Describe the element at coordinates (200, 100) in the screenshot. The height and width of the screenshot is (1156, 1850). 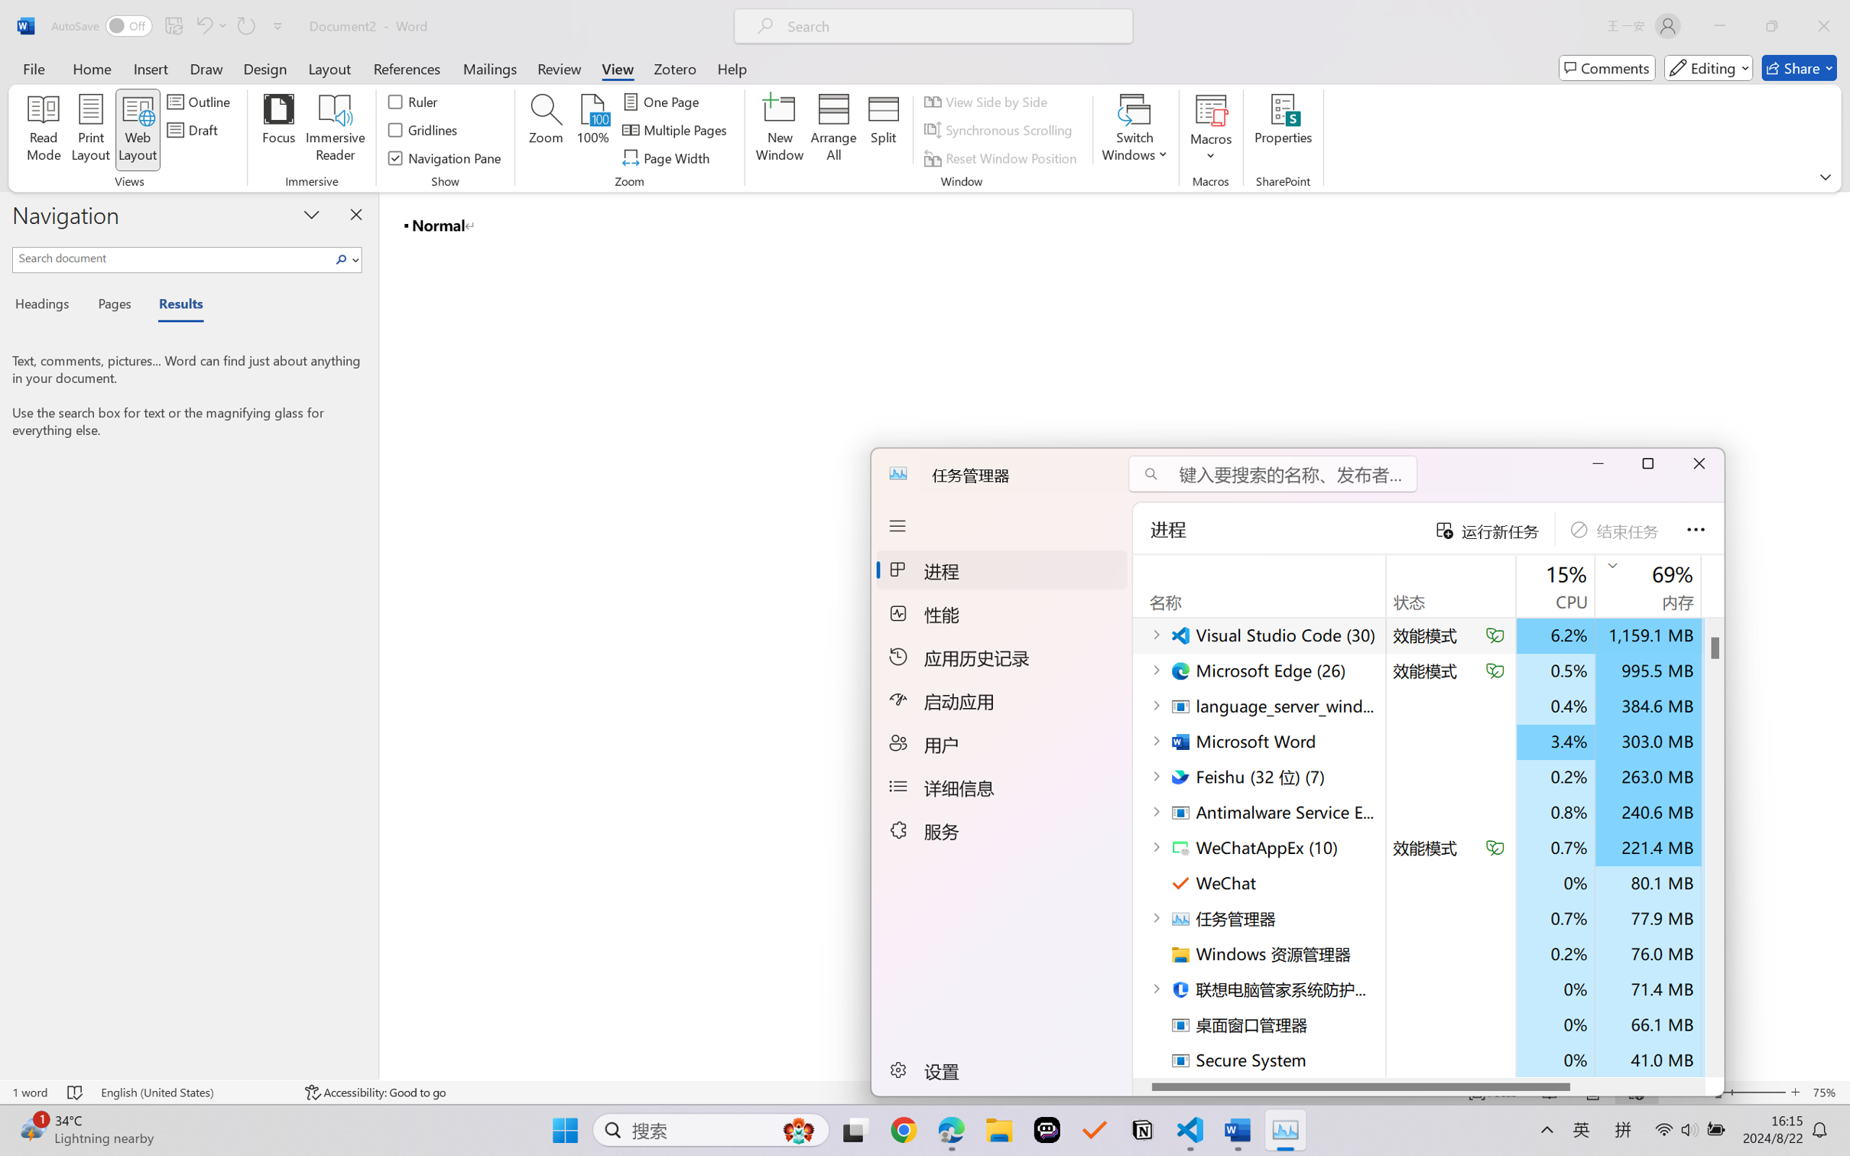
I see `'Outline'` at that location.